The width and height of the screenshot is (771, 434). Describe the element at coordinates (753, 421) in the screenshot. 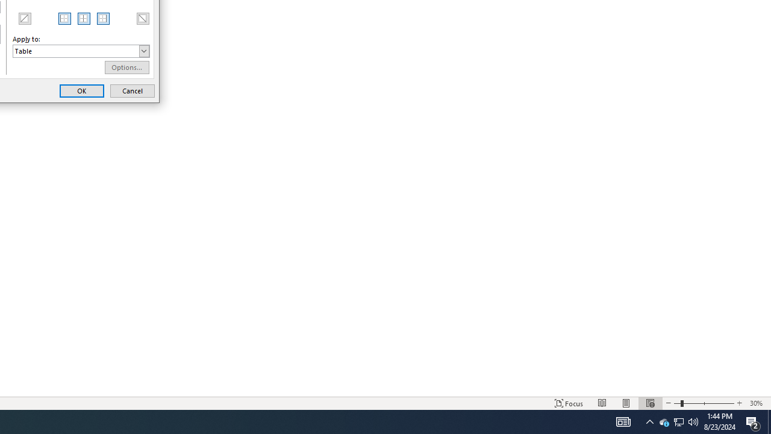

I see `'Action Center, 2 new notifications'` at that location.